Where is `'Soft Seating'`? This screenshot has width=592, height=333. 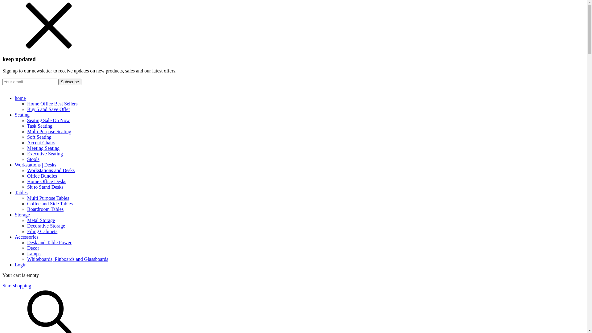
'Soft Seating' is located at coordinates (27, 137).